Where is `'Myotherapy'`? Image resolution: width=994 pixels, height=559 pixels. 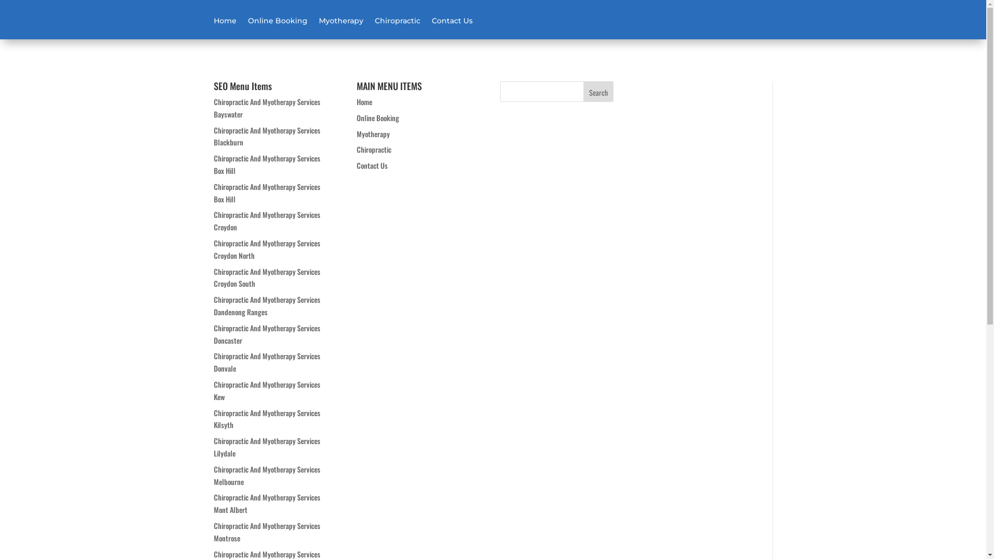 'Myotherapy' is located at coordinates (373, 133).